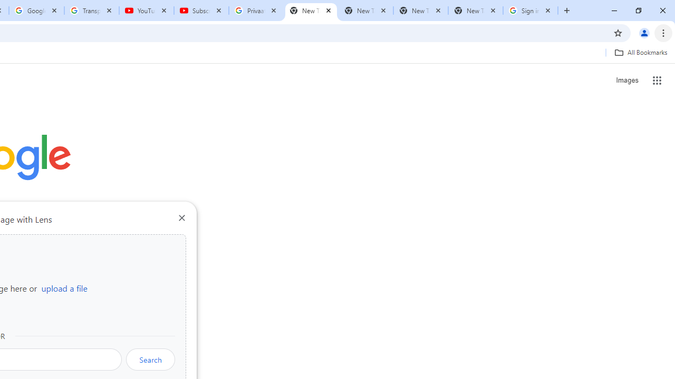 The image size is (675, 379). Describe the element at coordinates (531, 11) in the screenshot. I see `'Sign in - Google Accounts'` at that location.